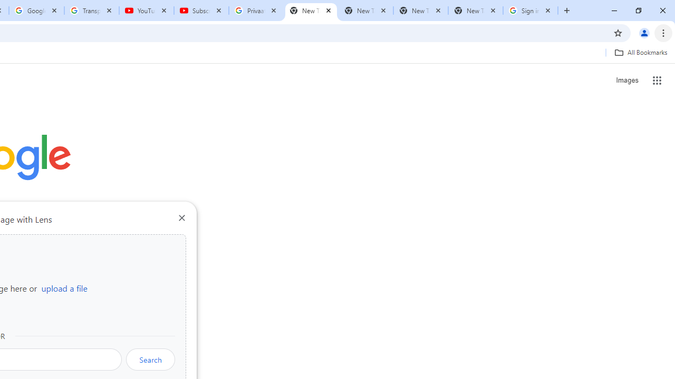 The image size is (675, 379). Describe the element at coordinates (531, 11) in the screenshot. I see `'Sign in - Google Accounts'` at that location.